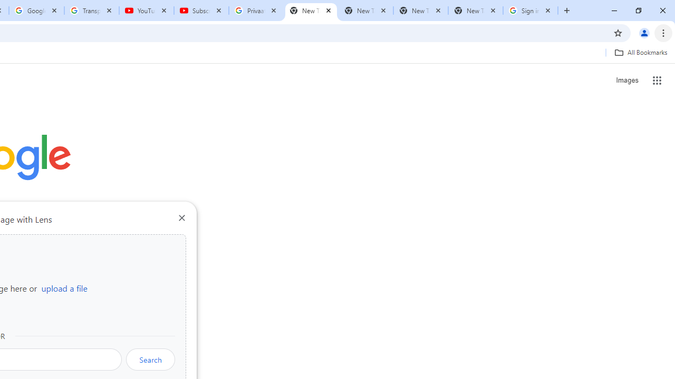 The image size is (675, 379). Describe the element at coordinates (531, 11) in the screenshot. I see `'Sign in - Google Accounts'` at that location.